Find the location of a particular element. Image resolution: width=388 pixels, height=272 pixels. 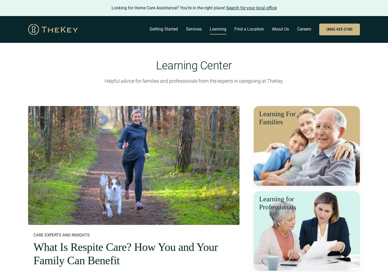

'Referral Partners' is located at coordinates (266, 101).